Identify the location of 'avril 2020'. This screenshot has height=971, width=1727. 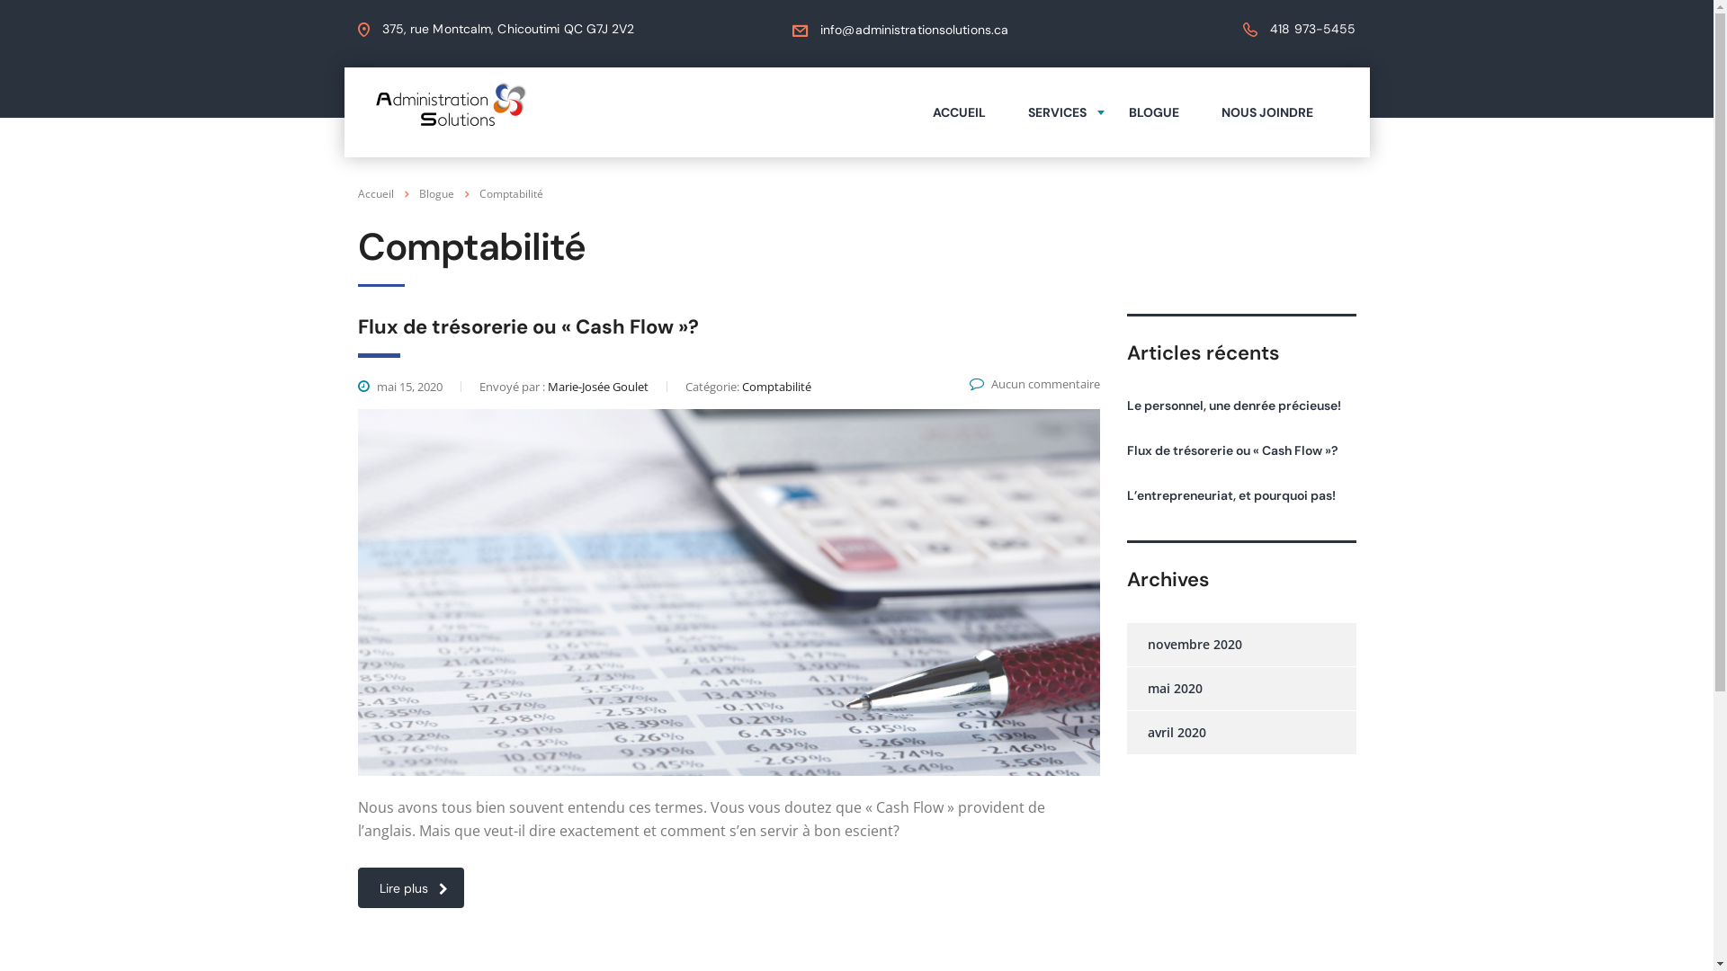
(1166, 732).